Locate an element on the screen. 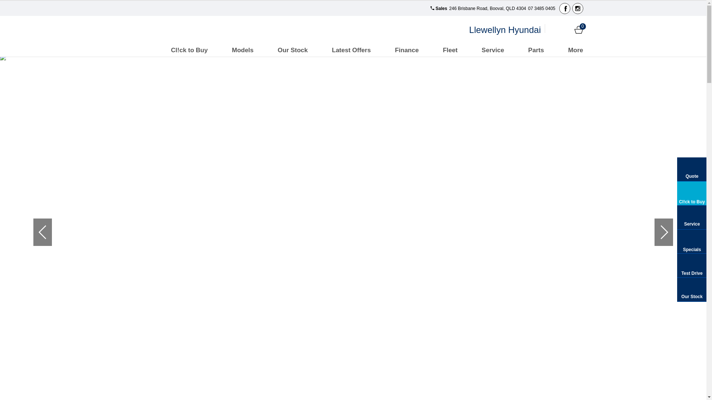 The height and width of the screenshot is (400, 712). 'Finance' is located at coordinates (395, 50).